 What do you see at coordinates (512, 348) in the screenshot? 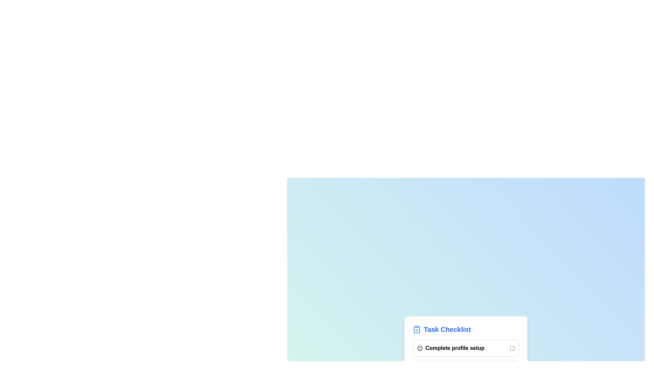
I see `the unmarked checkbox located within the 'Task Checklist' panel, positioned to the right of the 'Complete profile setup' option` at bounding box center [512, 348].